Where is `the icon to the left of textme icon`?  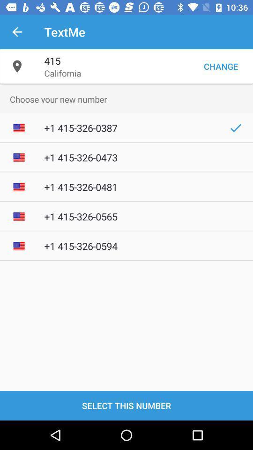
the icon to the left of textme icon is located at coordinates (17, 32).